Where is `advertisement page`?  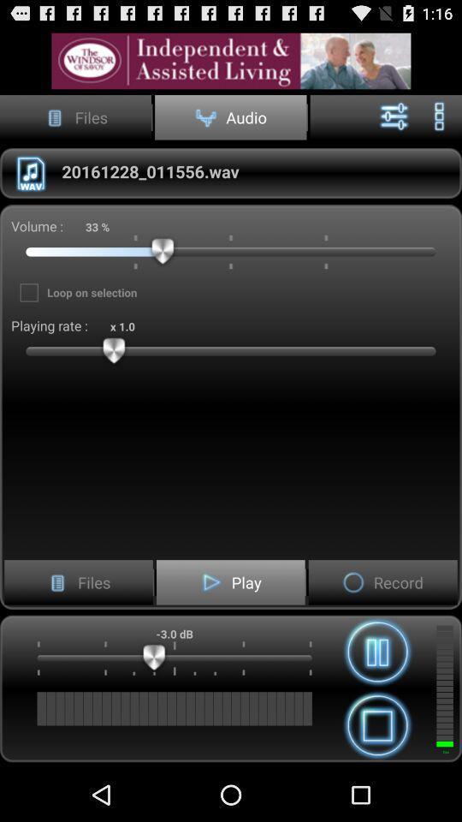 advertisement page is located at coordinates (231, 61).